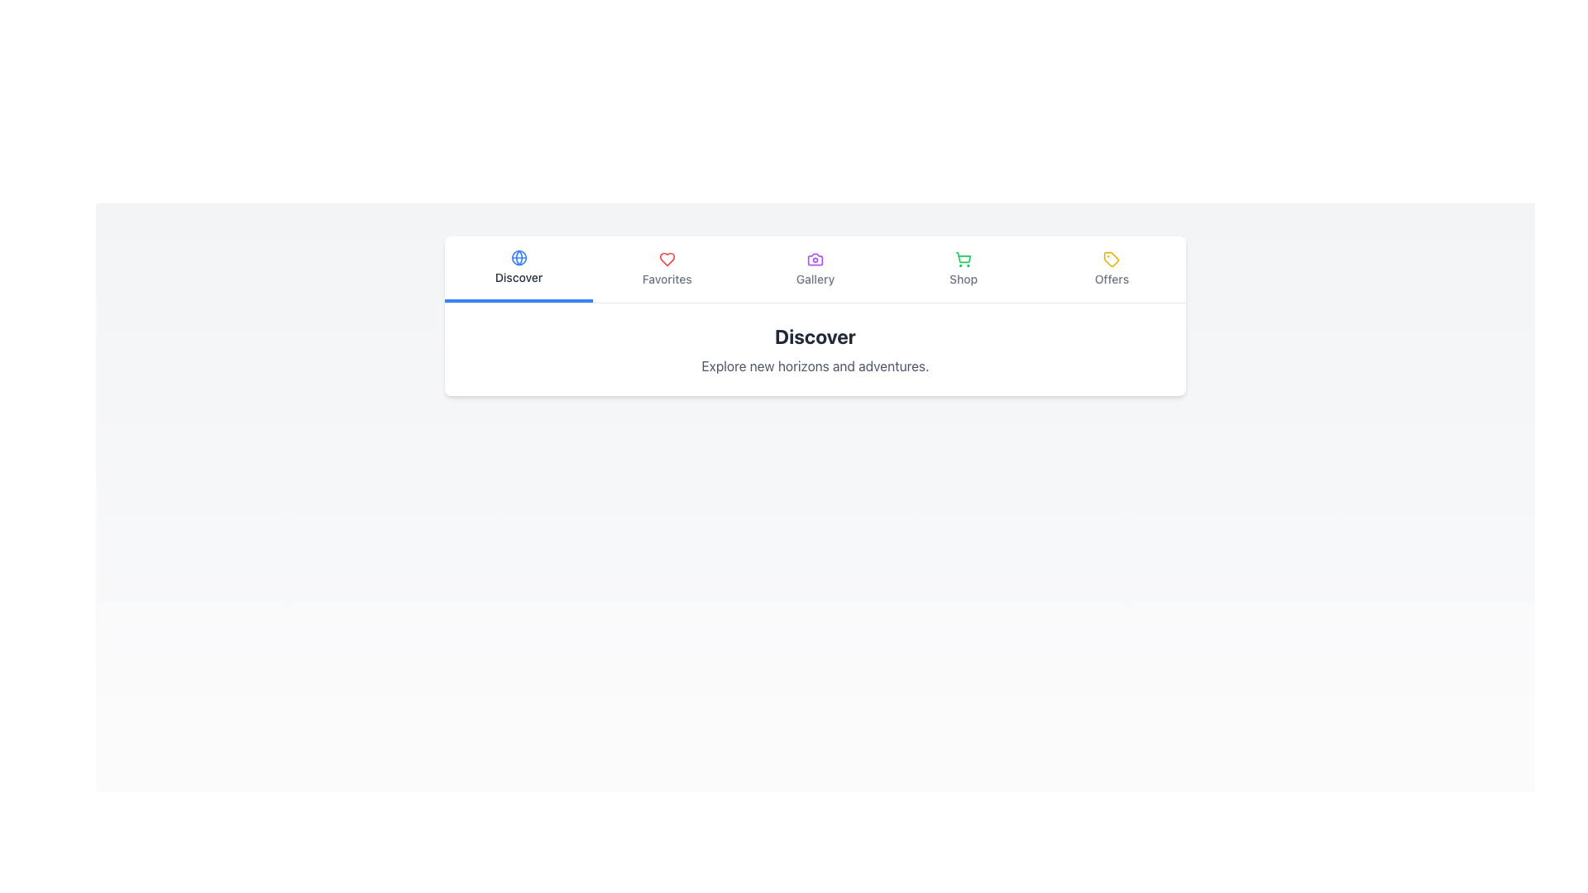 The height and width of the screenshot is (893, 1588). I want to click on the 'Offers' navigation item, which is styled with a yellow tag icon and is located towards the right of the navigation bar, following the 'Shop' item, so click(1112, 269).